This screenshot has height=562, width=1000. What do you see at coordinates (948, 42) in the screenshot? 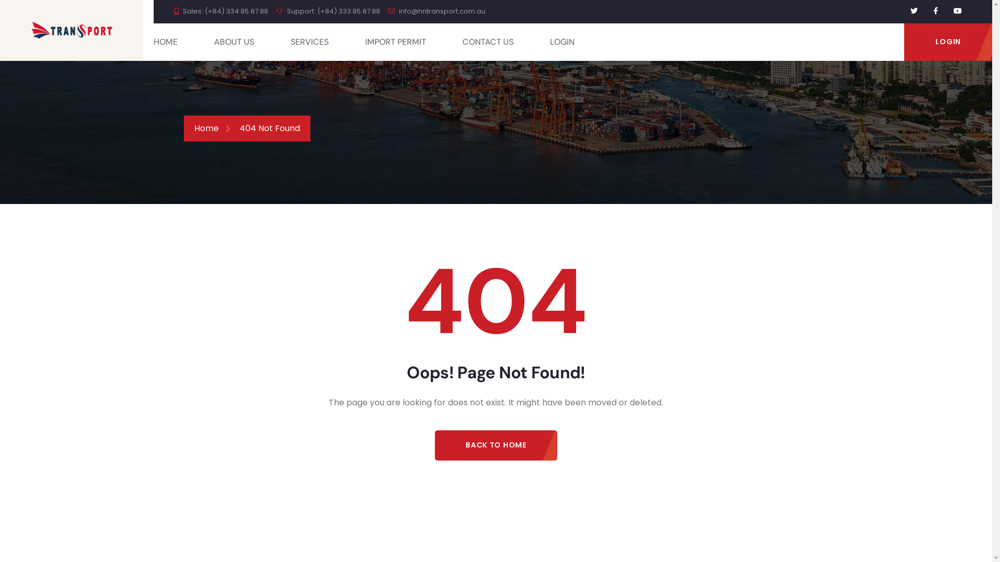
I see `'LOGIN'` at bounding box center [948, 42].